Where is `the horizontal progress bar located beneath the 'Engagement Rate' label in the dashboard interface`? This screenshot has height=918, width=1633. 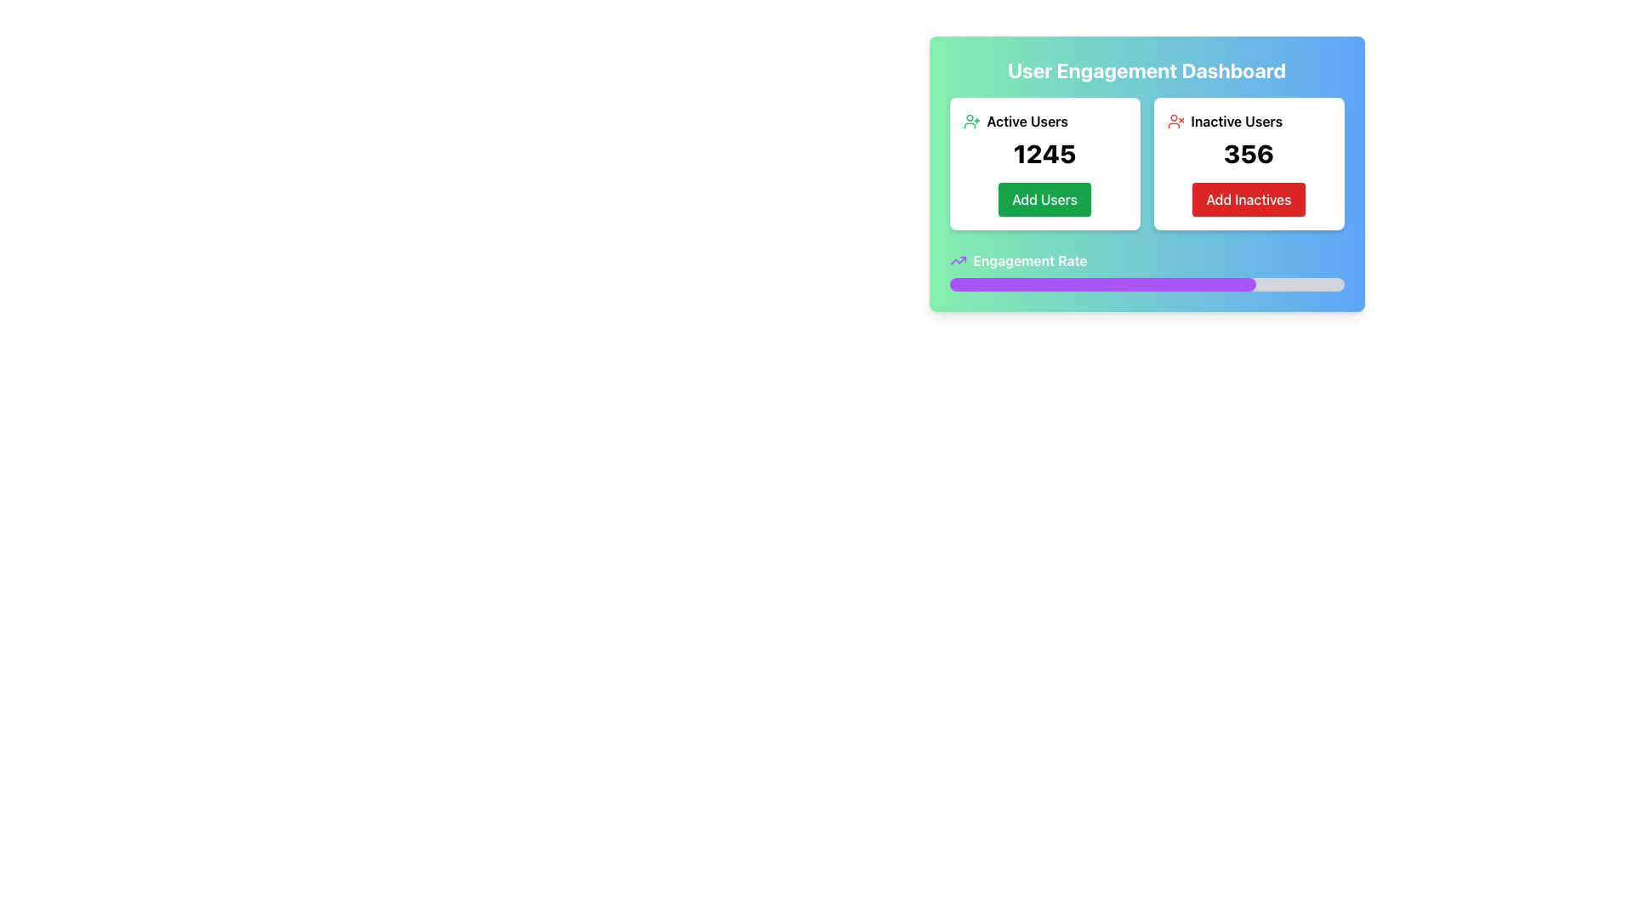
the horizontal progress bar located beneath the 'Engagement Rate' label in the dashboard interface is located at coordinates (1147, 284).